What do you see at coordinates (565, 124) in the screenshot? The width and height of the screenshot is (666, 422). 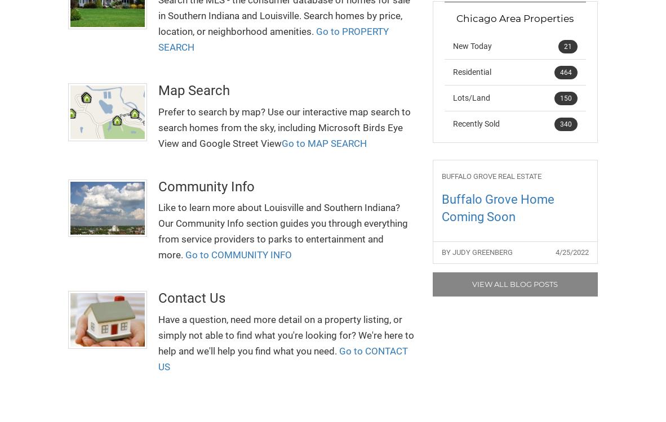 I see `'340'` at bounding box center [565, 124].